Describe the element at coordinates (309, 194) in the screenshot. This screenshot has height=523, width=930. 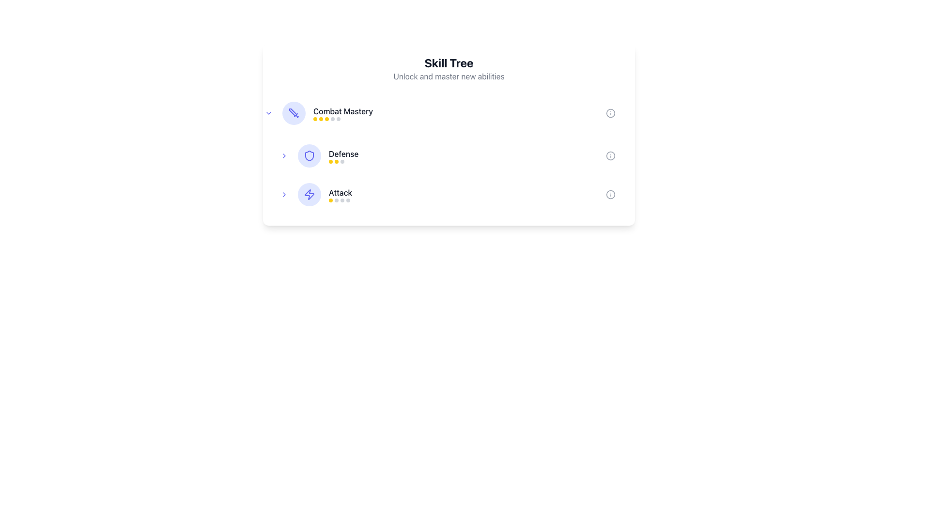
I see `the lightning bolt icon with a vibrant indigo tint located in the 'Attack' section of the 'Skill Tree' interface, positioned to the left of the 'Attack' text` at that location.